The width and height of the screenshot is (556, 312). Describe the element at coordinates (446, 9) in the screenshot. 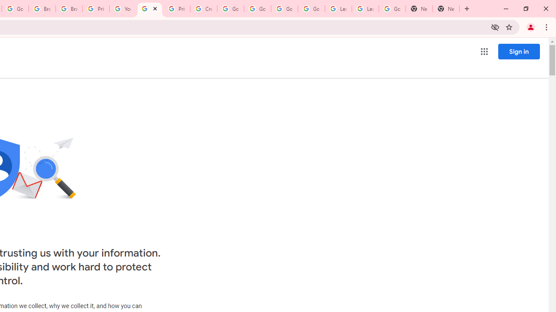

I see `'New Tab'` at that location.